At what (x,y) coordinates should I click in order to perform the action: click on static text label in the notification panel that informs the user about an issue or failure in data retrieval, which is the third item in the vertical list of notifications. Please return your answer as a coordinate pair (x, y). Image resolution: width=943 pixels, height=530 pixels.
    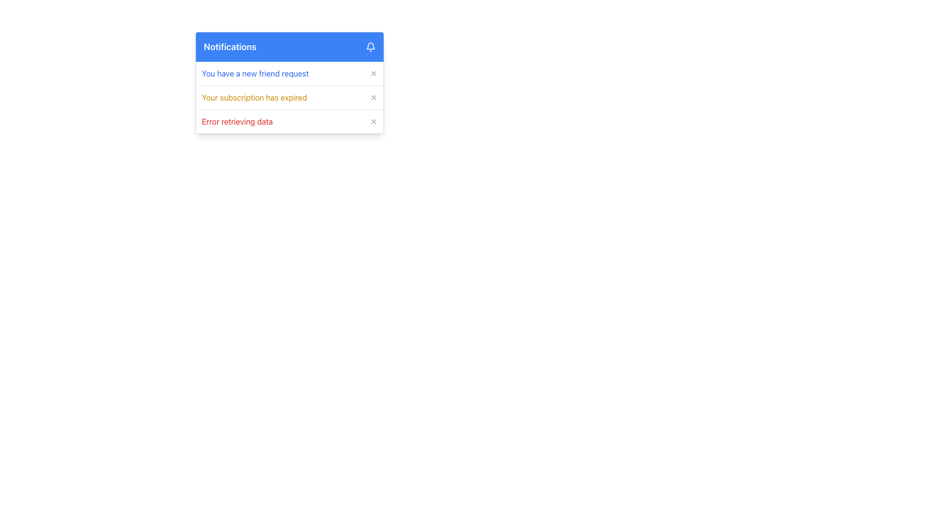
    Looking at the image, I should click on (237, 121).